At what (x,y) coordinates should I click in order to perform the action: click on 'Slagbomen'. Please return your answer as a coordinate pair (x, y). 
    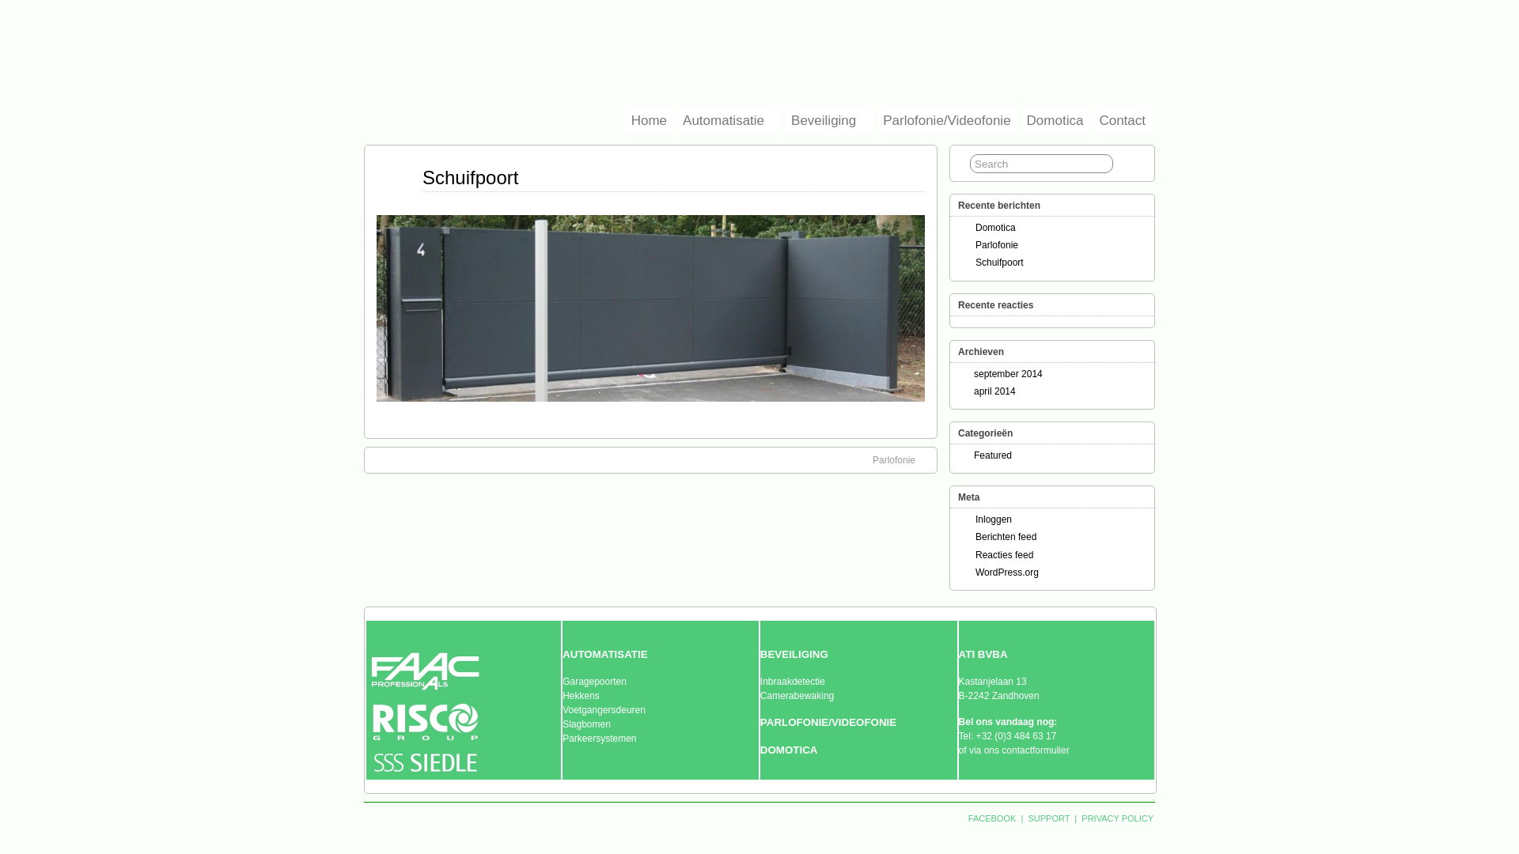
    Looking at the image, I should click on (585, 724).